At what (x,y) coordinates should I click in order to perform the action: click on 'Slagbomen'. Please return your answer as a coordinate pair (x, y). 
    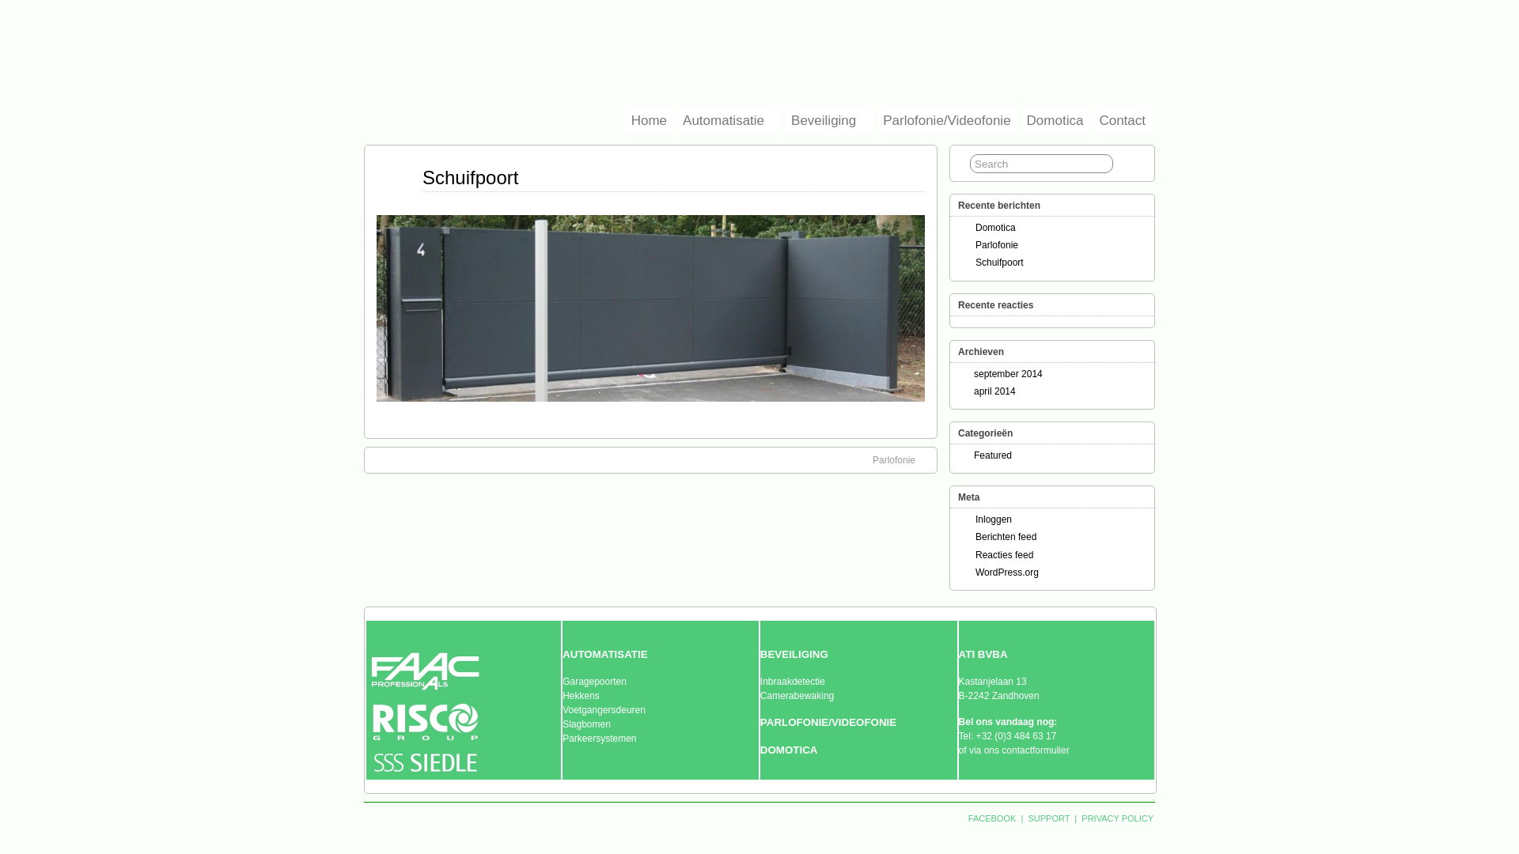
    Looking at the image, I should click on (585, 724).